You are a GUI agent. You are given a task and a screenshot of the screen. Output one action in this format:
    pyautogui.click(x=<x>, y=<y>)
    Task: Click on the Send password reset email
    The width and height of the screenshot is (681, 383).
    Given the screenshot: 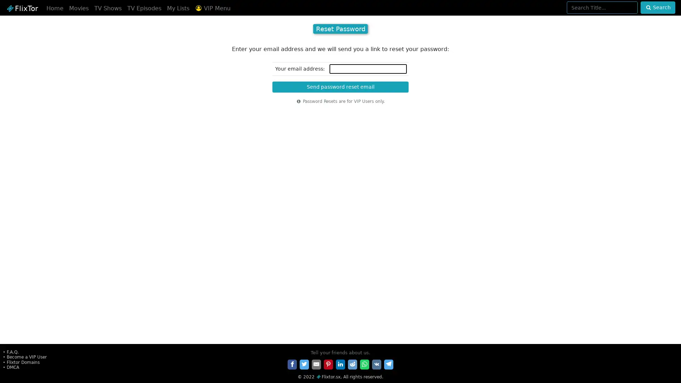 What is the action you would take?
    pyautogui.click(x=340, y=86)
    